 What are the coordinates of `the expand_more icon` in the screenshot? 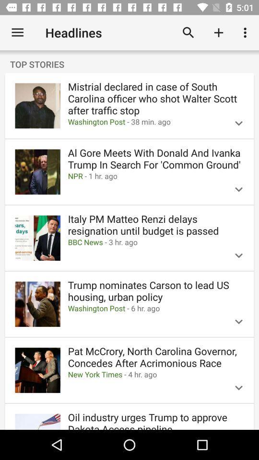 It's located at (238, 123).